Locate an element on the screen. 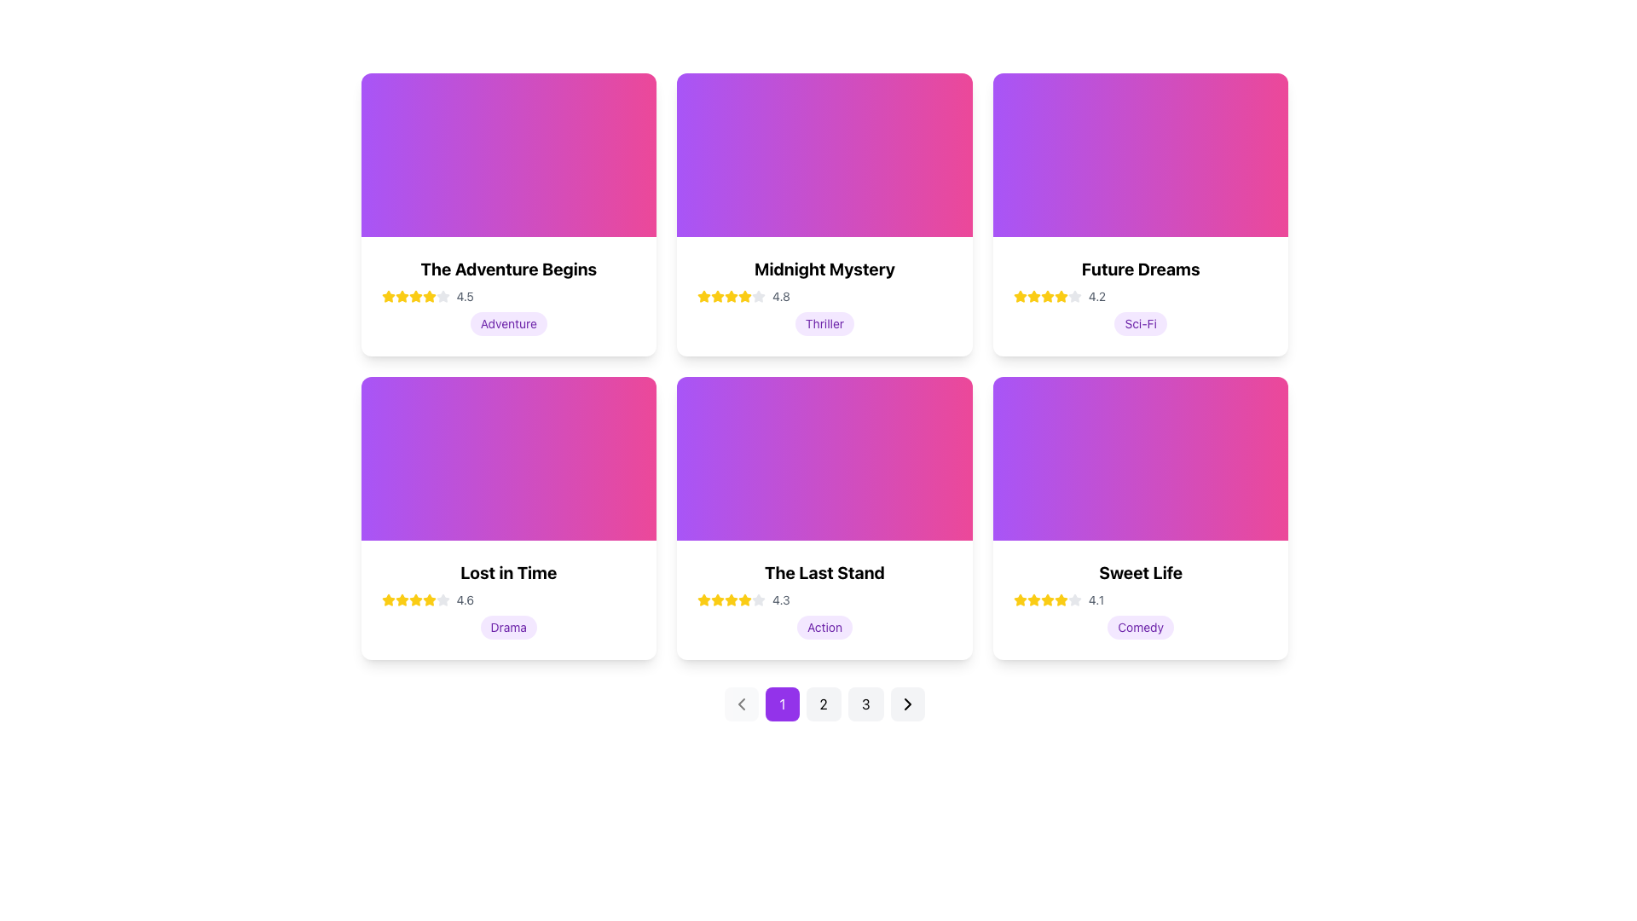 The image size is (1637, 921). the pagination button labeled '2' is located at coordinates (824, 704).